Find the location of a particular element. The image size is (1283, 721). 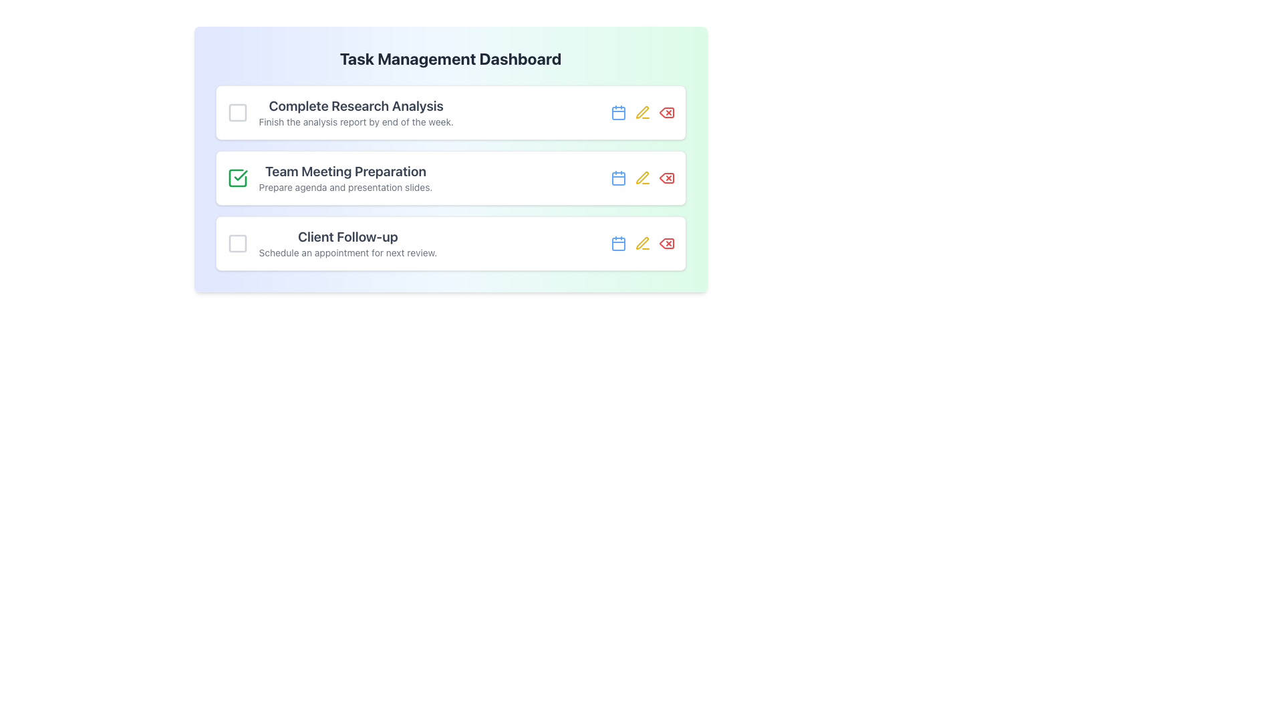

the second task card is located at coordinates (450, 177).